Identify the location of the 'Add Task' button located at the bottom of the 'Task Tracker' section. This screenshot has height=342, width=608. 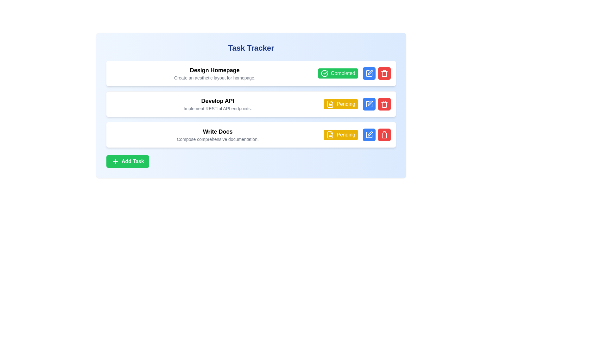
(127, 161).